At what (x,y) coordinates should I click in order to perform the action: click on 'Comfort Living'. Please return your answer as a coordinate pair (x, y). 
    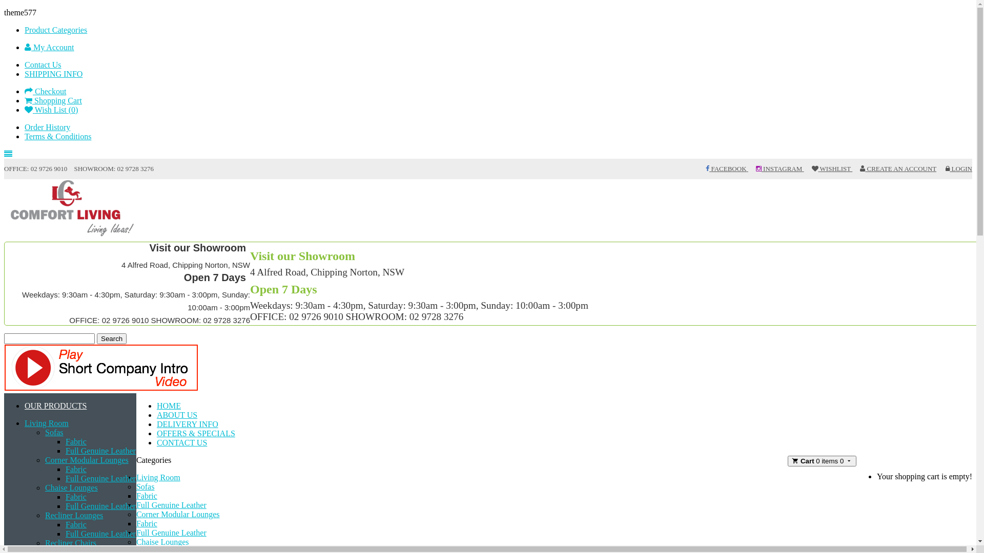
    Looking at the image, I should click on (73, 208).